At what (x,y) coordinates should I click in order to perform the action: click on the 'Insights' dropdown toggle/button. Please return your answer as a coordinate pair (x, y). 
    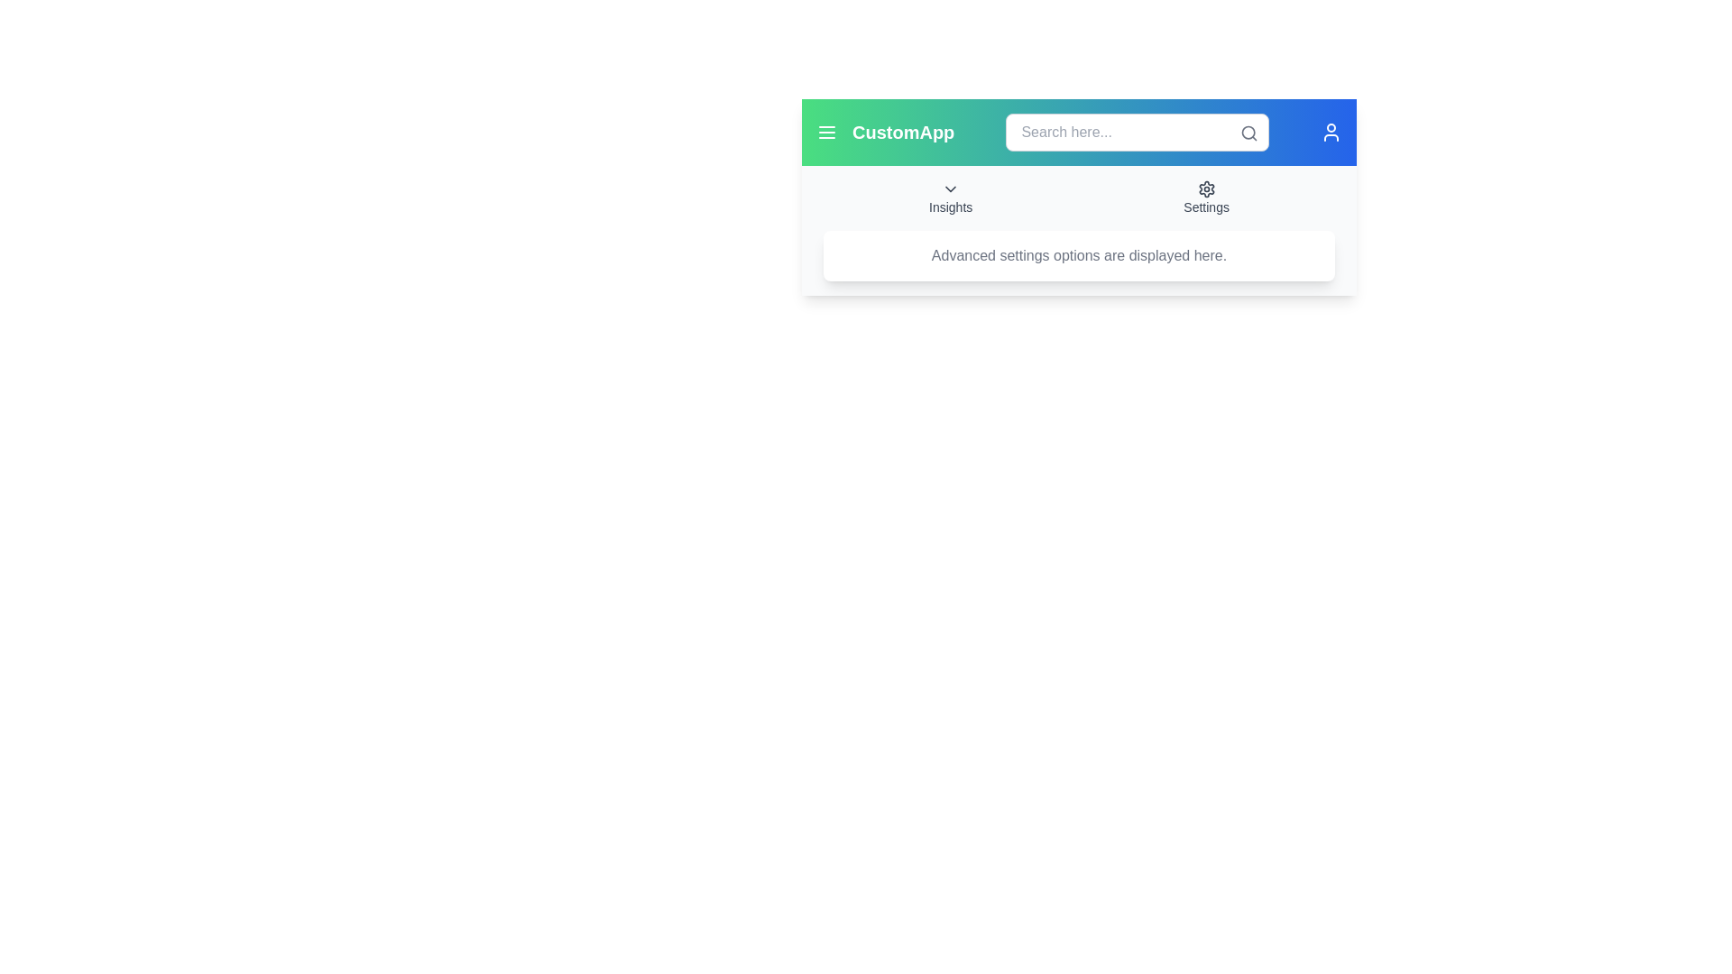
    Looking at the image, I should click on (950, 198).